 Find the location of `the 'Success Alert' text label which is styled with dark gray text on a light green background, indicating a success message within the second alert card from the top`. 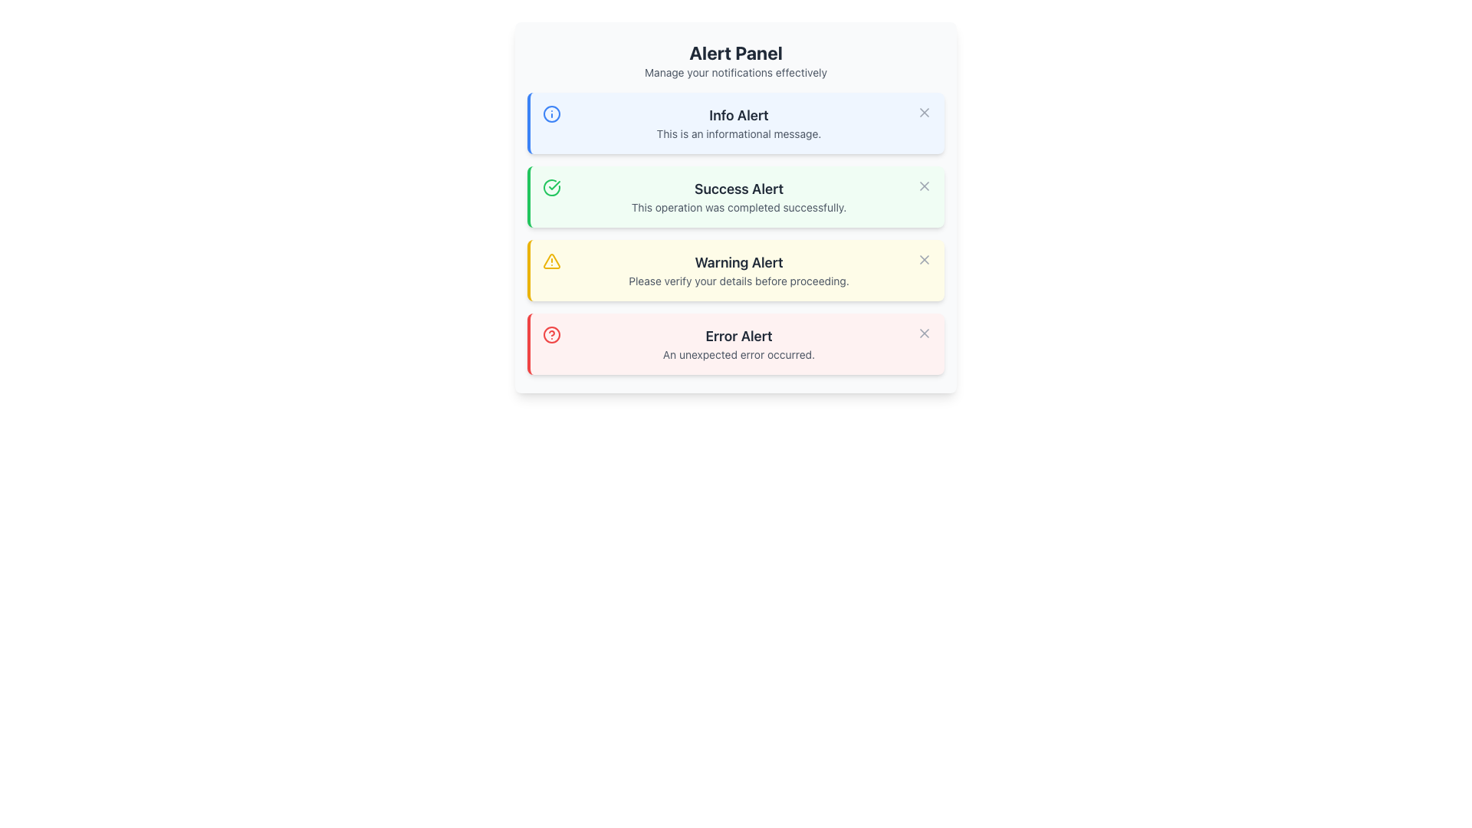

the 'Success Alert' text label which is styled with dark gray text on a light green background, indicating a success message within the second alert card from the top is located at coordinates (739, 188).